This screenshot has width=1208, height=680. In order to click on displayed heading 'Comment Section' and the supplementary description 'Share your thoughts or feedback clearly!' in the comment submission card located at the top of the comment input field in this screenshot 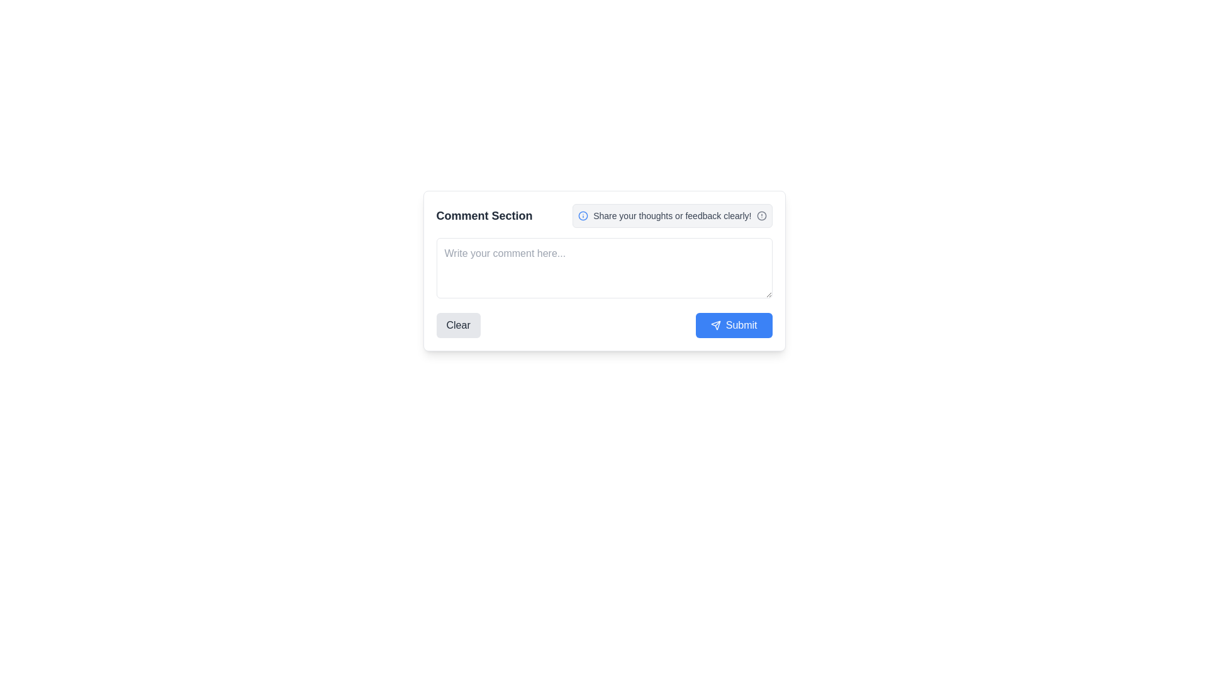, I will do `click(604, 215)`.